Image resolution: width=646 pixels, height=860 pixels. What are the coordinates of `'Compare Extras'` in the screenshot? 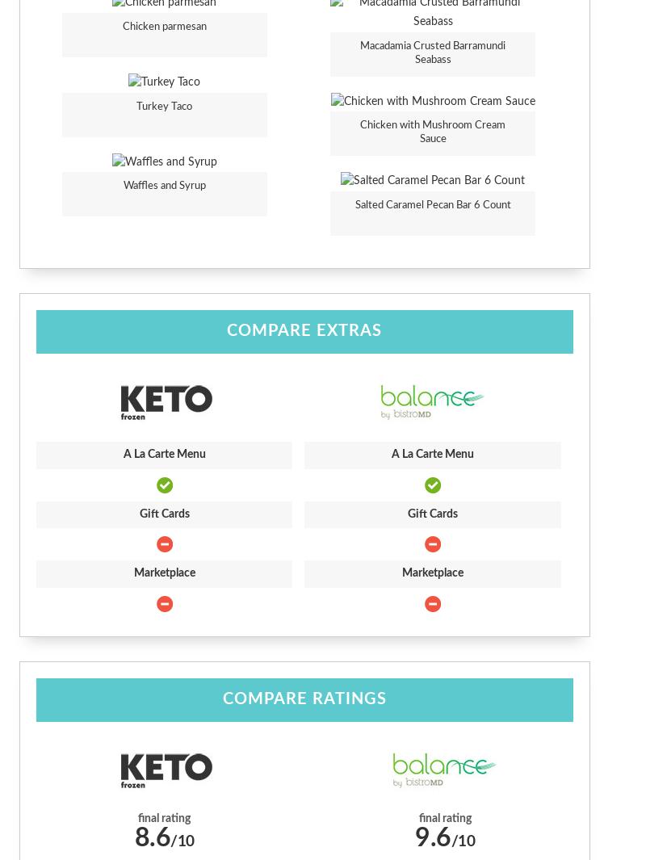 It's located at (304, 330).